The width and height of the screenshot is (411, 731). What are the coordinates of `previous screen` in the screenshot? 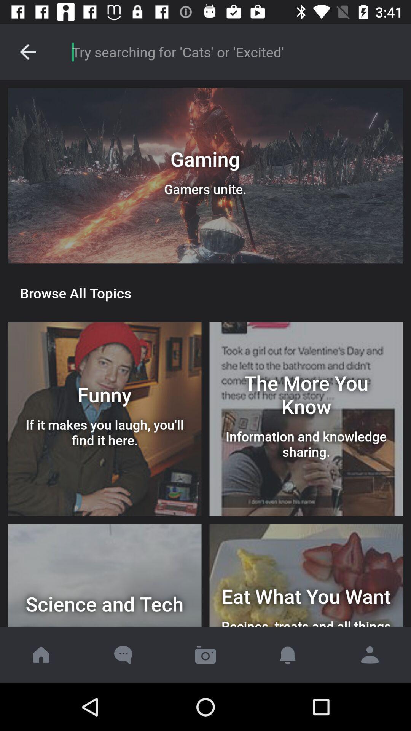 It's located at (27, 51).